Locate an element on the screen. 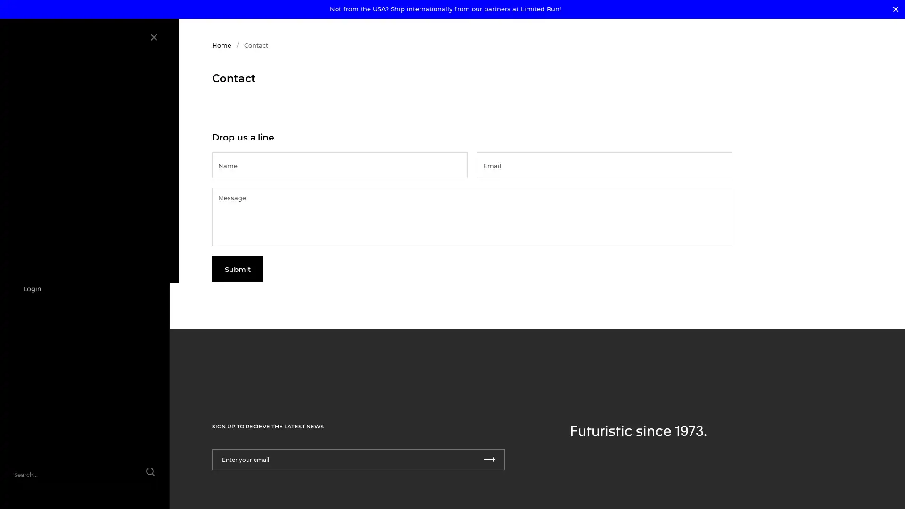  Submit is located at coordinates (140, 477).